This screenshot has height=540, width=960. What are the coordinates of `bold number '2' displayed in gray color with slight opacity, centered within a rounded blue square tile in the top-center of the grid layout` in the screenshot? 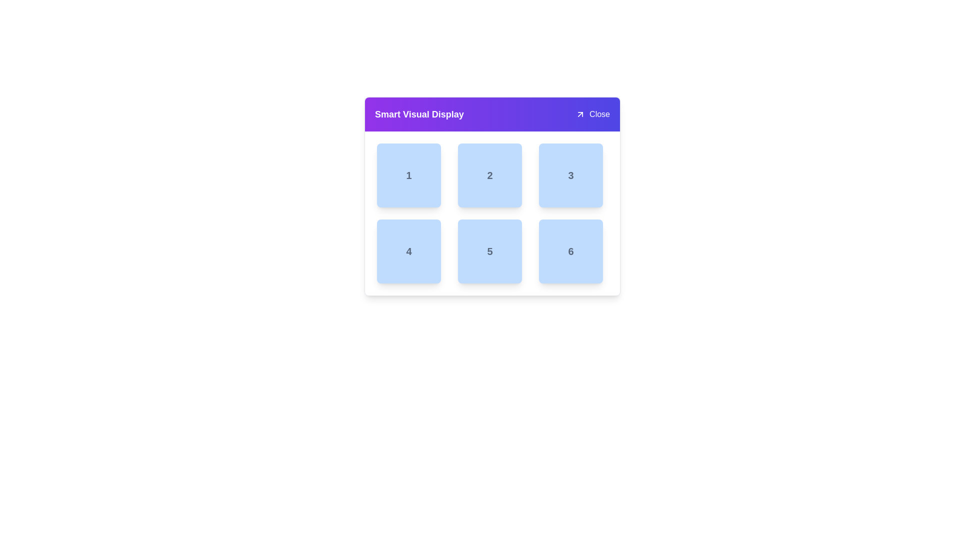 It's located at (489, 175).